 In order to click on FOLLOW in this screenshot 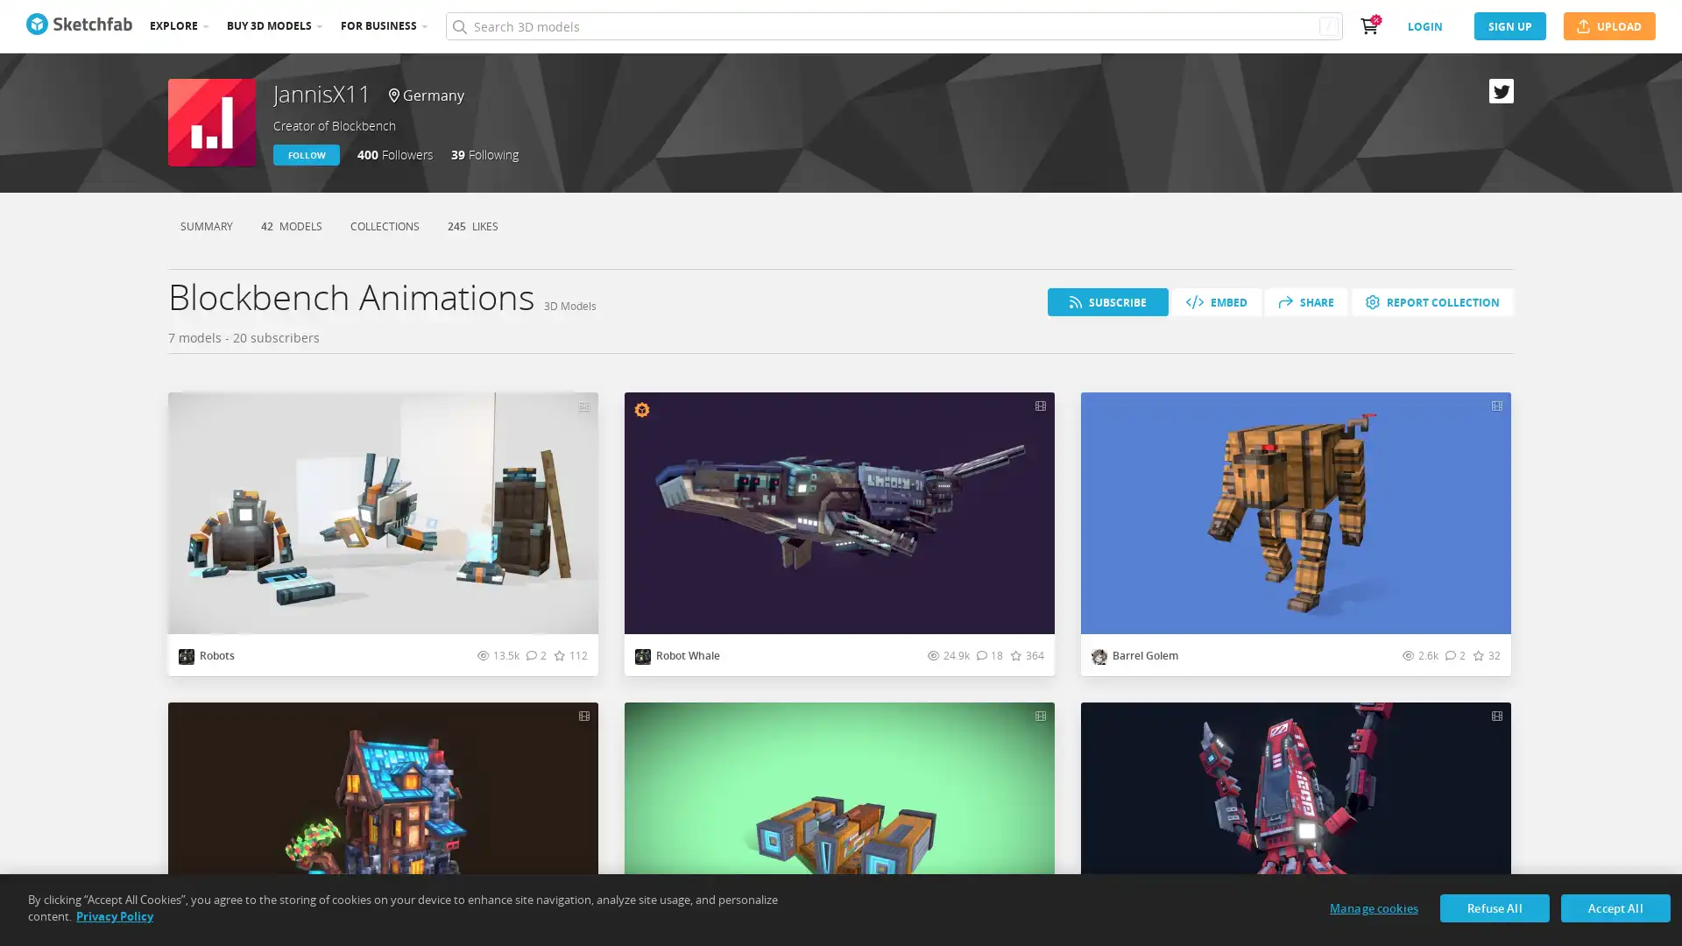, I will do `click(307, 154)`.